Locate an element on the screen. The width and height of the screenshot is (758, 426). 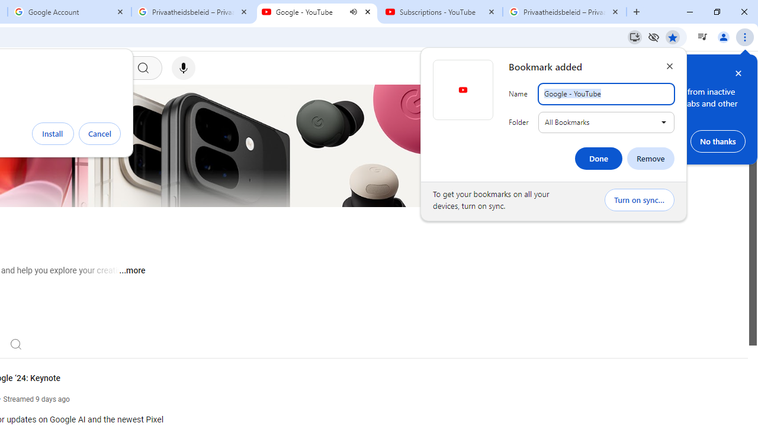
'Remove' is located at coordinates (650, 158).